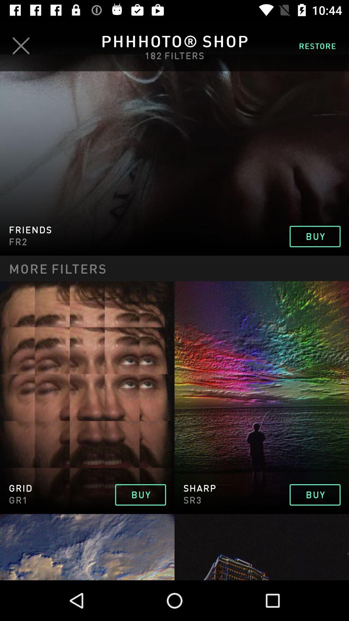  Describe the element at coordinates (317, 45) in the screenshot. I see `the restore` at that location.